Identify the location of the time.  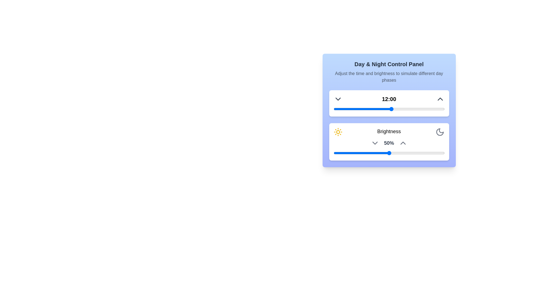
(430, 109).